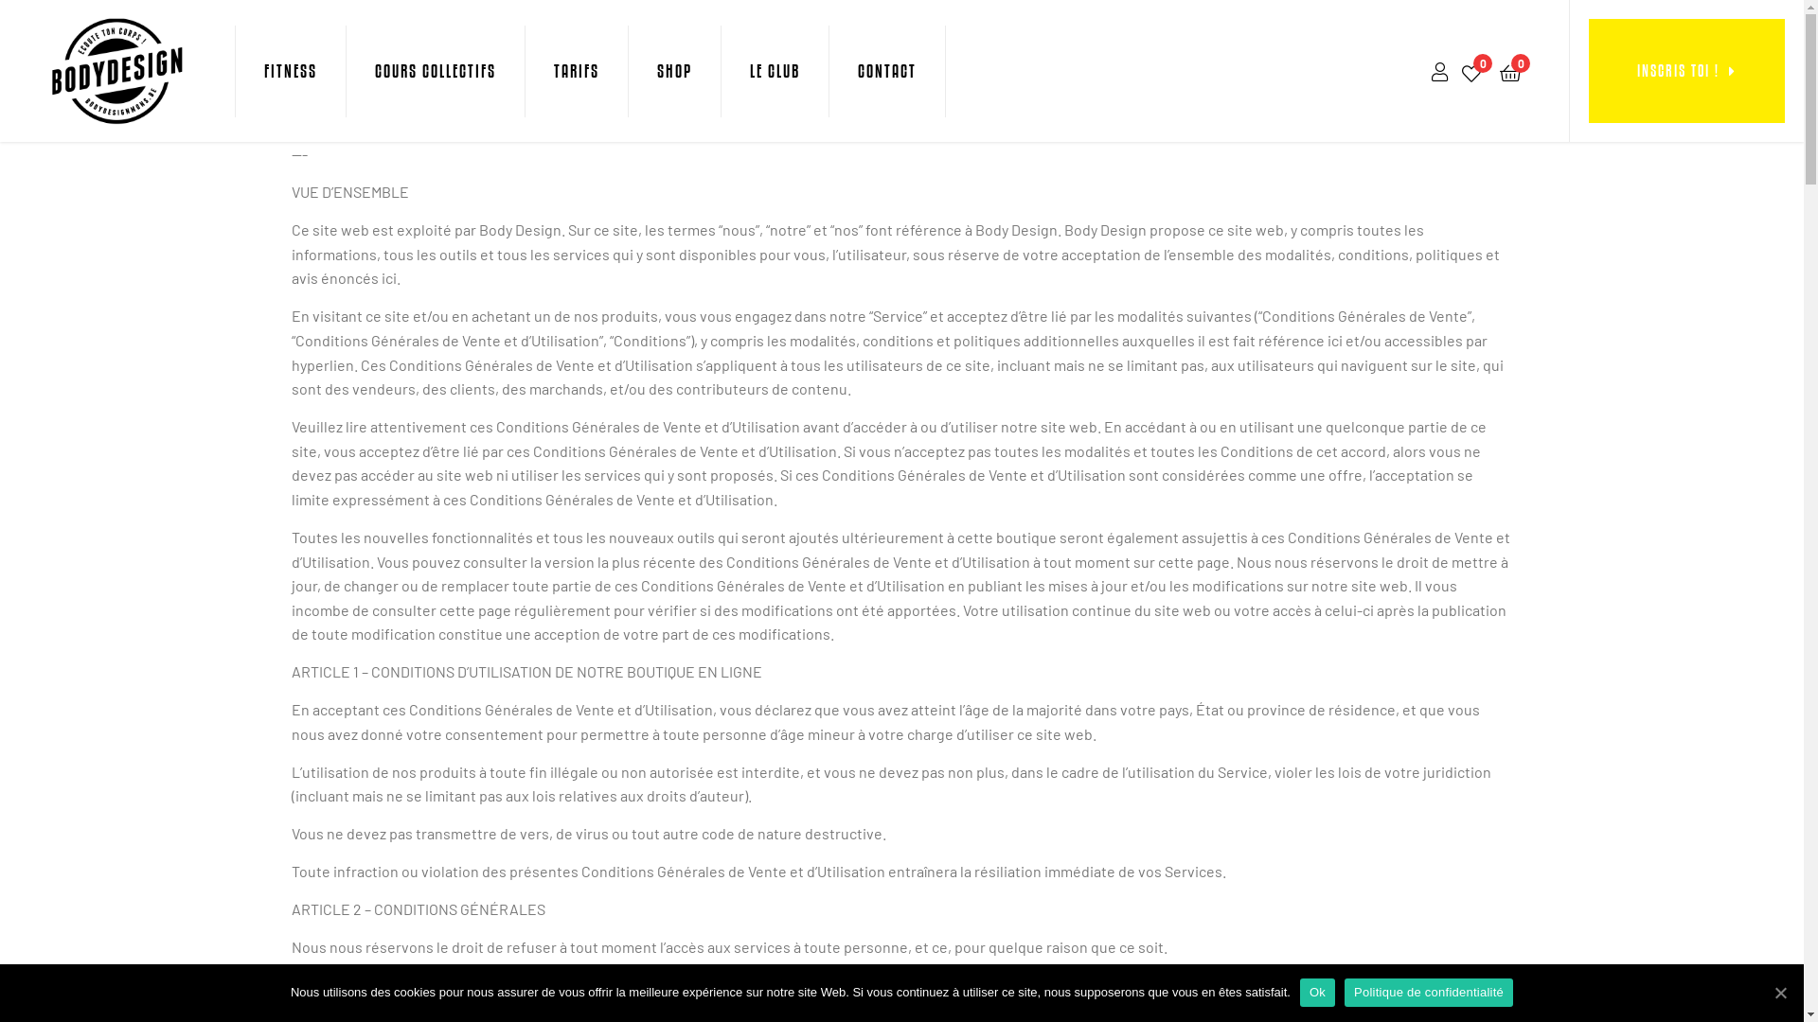 The height and width of the screenshot is (1022, 1818). What do you see at coordinates (1470, 69) in the screenshot?
I see `'0'` at bounding box center [1470, 69].